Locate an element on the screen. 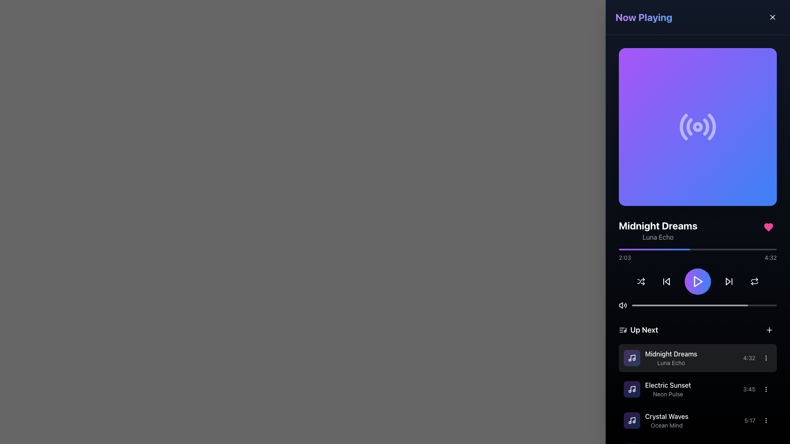  the 'Midnight Dreams' label in the 'Up Next' section is located at coordinates (671, 358).